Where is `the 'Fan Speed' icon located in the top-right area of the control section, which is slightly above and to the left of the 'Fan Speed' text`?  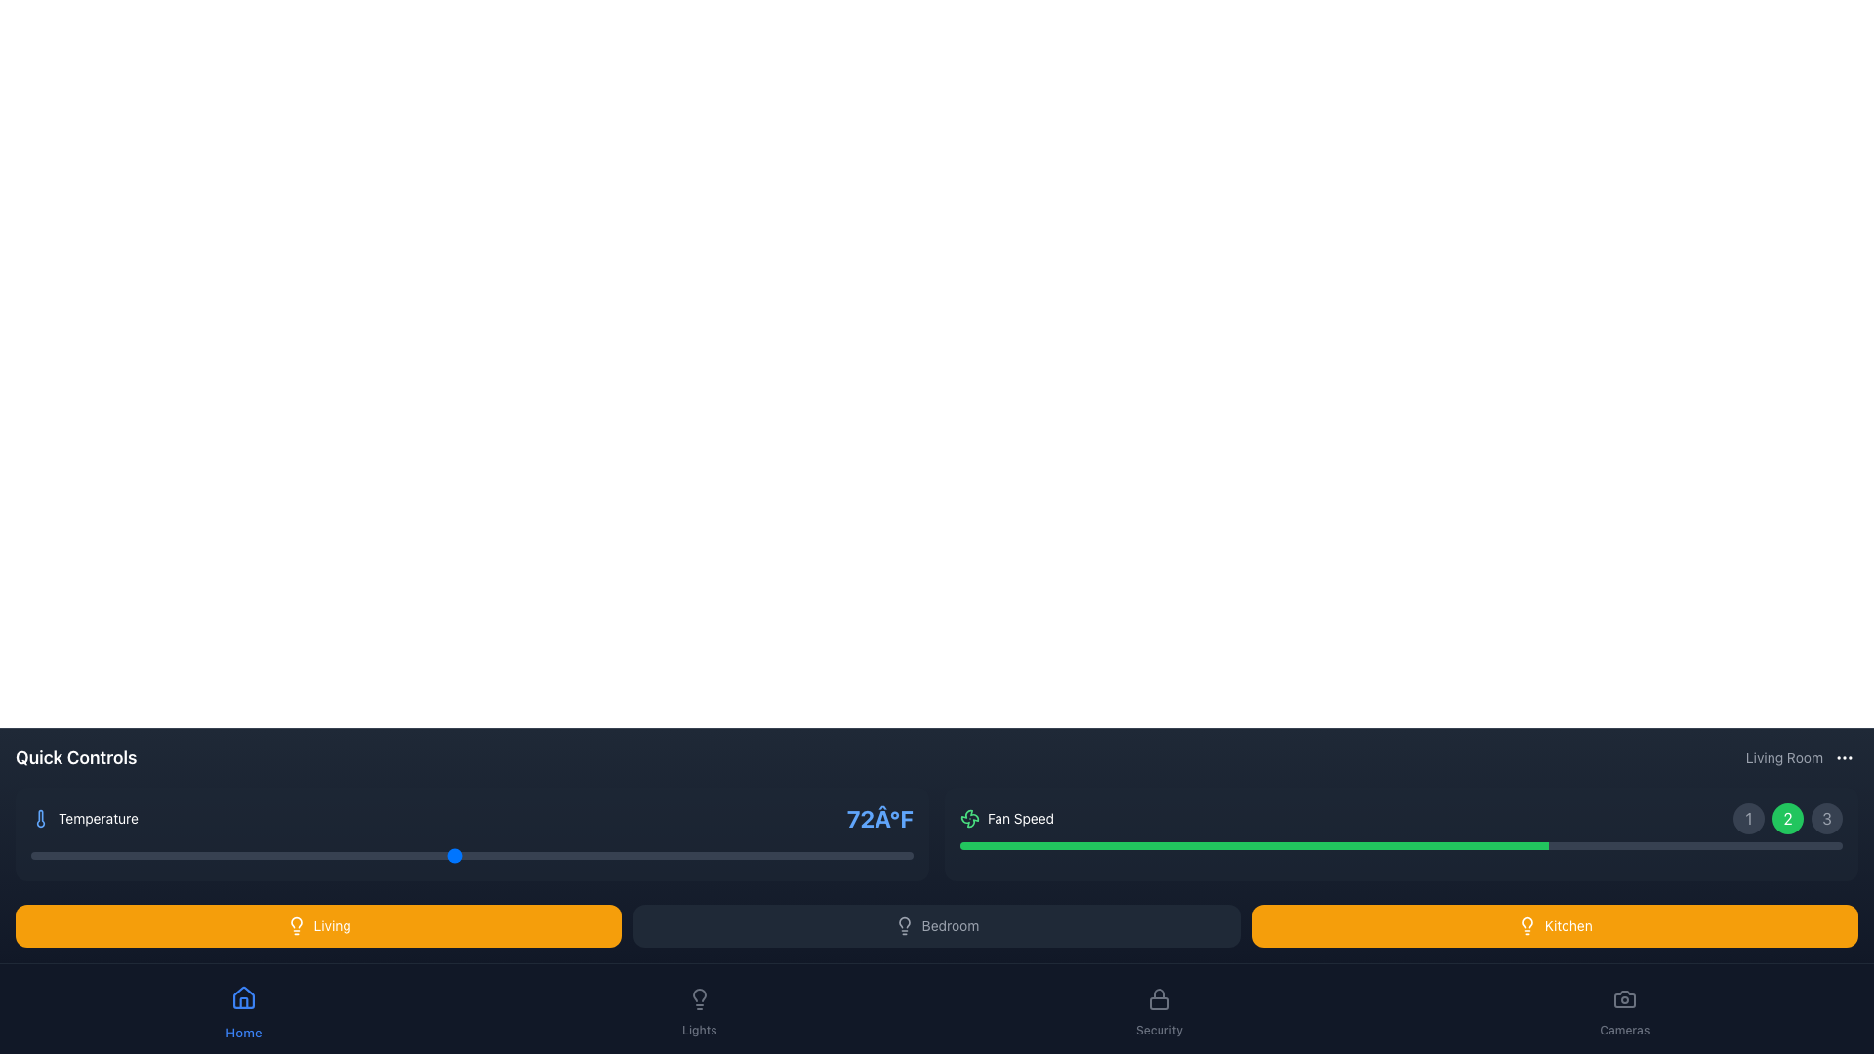
the 'Fan Speed' icon located in the top-right area of the control section, which is slightly above and to the left of the 'Fan Speed' text is located at coordinates (969, 819).